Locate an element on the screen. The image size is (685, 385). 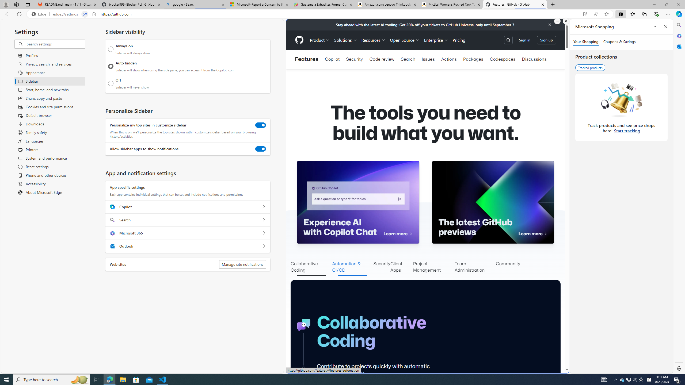
'Product' is located at coordinates (319, 40).